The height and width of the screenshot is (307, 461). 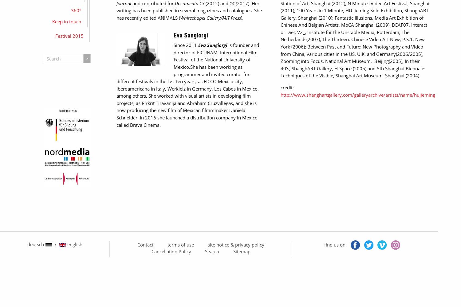 What do you see at coordinates (71, 10) in the screenshot?
I see `'360°'` at bounding box center [71, 10].